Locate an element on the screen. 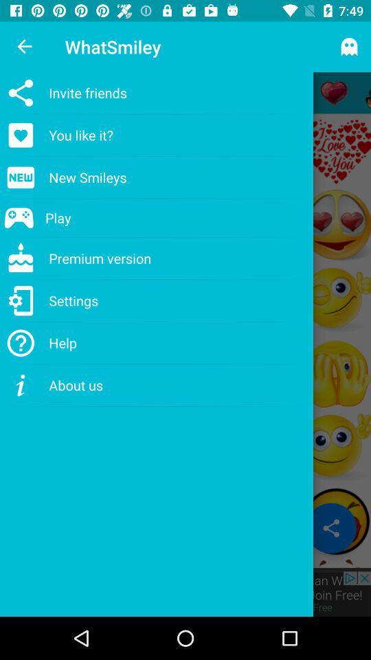 The height and width of the screenshot is (660, 371). the share icon is located at coordinates (330, 527).